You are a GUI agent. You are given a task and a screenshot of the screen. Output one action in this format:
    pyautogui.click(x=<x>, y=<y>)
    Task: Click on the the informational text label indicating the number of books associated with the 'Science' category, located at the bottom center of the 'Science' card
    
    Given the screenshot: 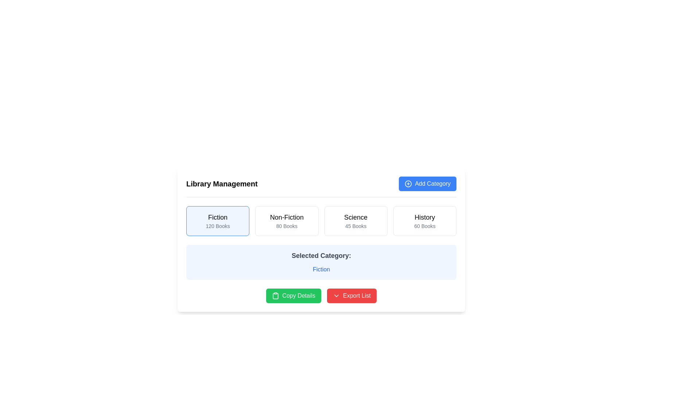 What is the action you would take?
    pyautogui.click(x=356, y=226)
    